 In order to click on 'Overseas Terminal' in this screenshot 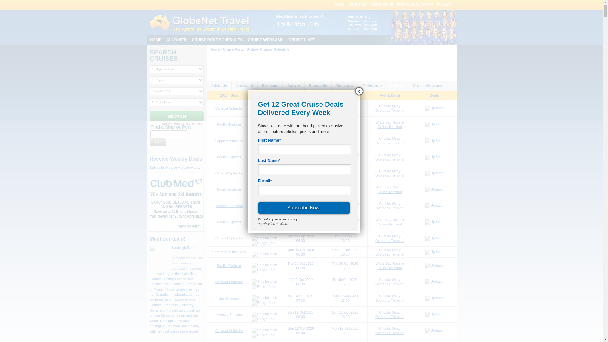, I will do `click(389, 143)`.